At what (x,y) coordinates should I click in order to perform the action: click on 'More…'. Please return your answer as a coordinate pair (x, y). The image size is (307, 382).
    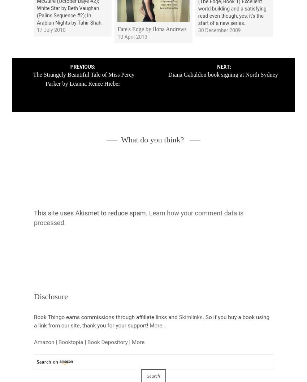
    Looking at the image, I should click on (157, 325).